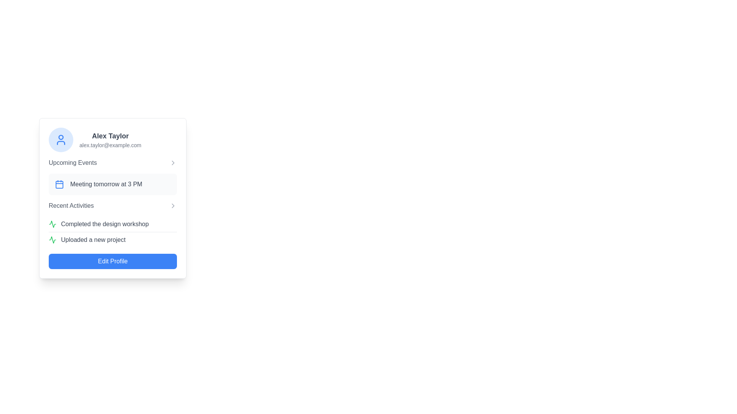  Describe the element at coordinates (112, 184) in the screenshot. I see `the Static information card displaying the upcoming event titled 'Meeting' scheduled for 'tomorrow at 3 PM', which is located under the 'Upcoming Events' section` at that location.